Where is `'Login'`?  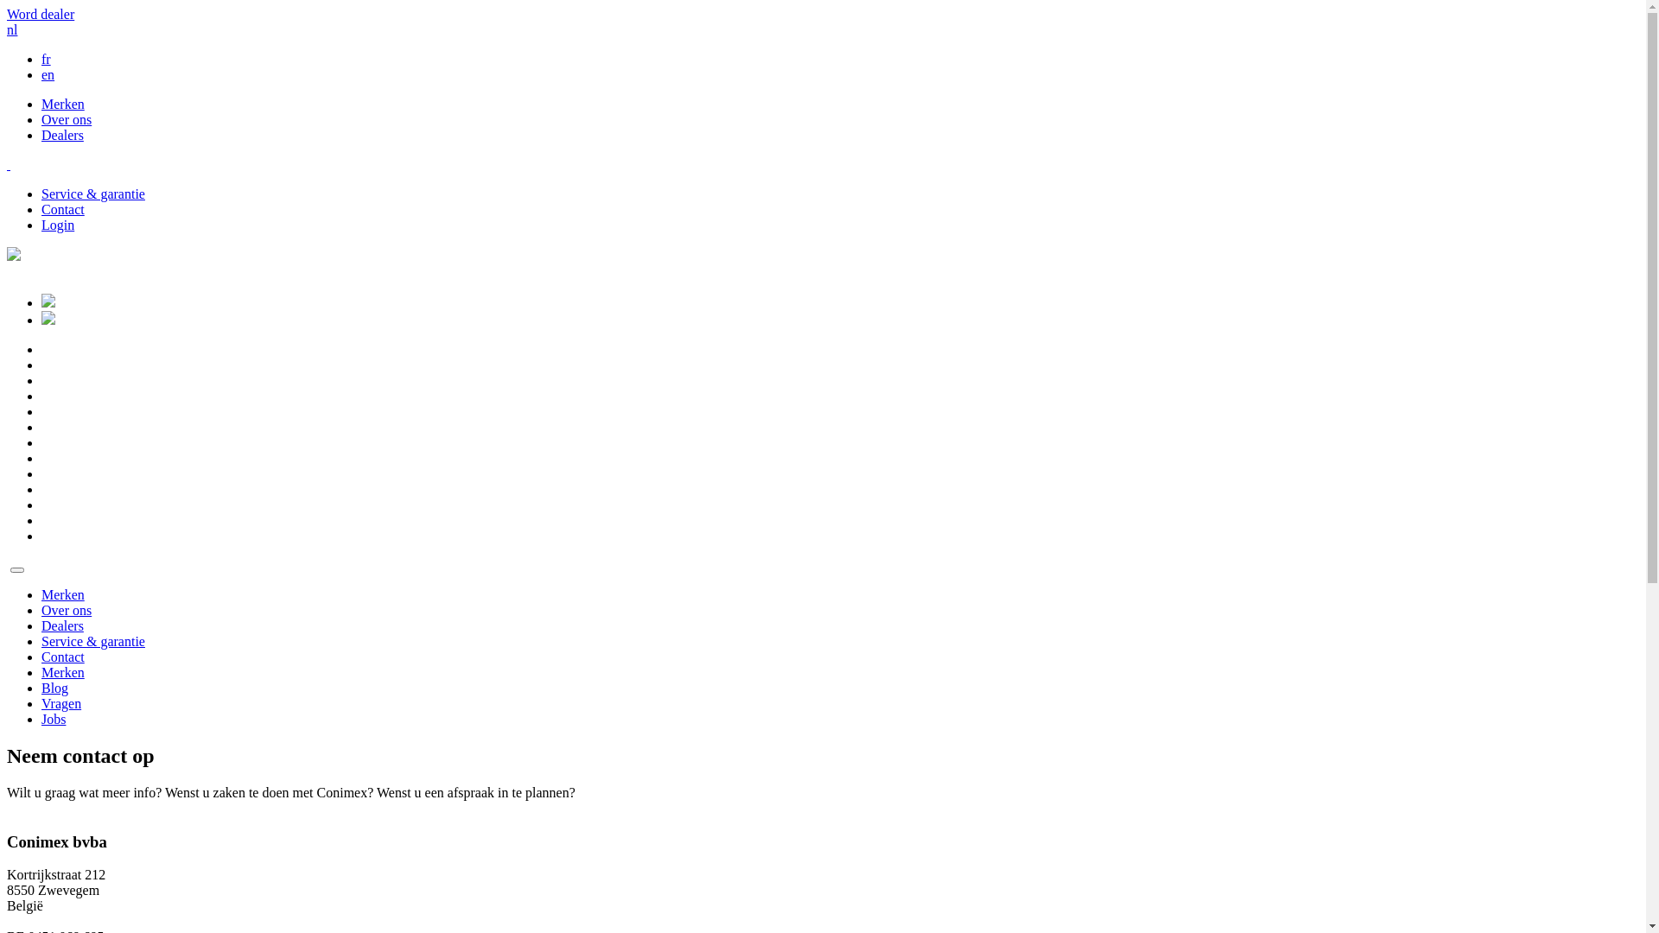
'Login' is located at coordinates (41, 224).